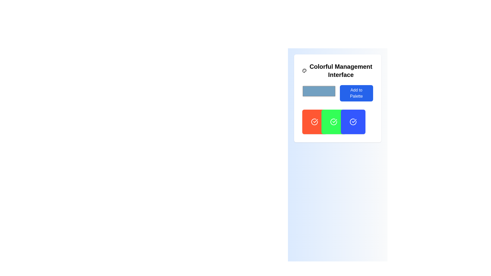 Image resolution: width=491 pixels, height=276 pixels. What do you see at coordinates (338, 122) in the screenshot?
I see `the second block` at bounding box center [338, 122].